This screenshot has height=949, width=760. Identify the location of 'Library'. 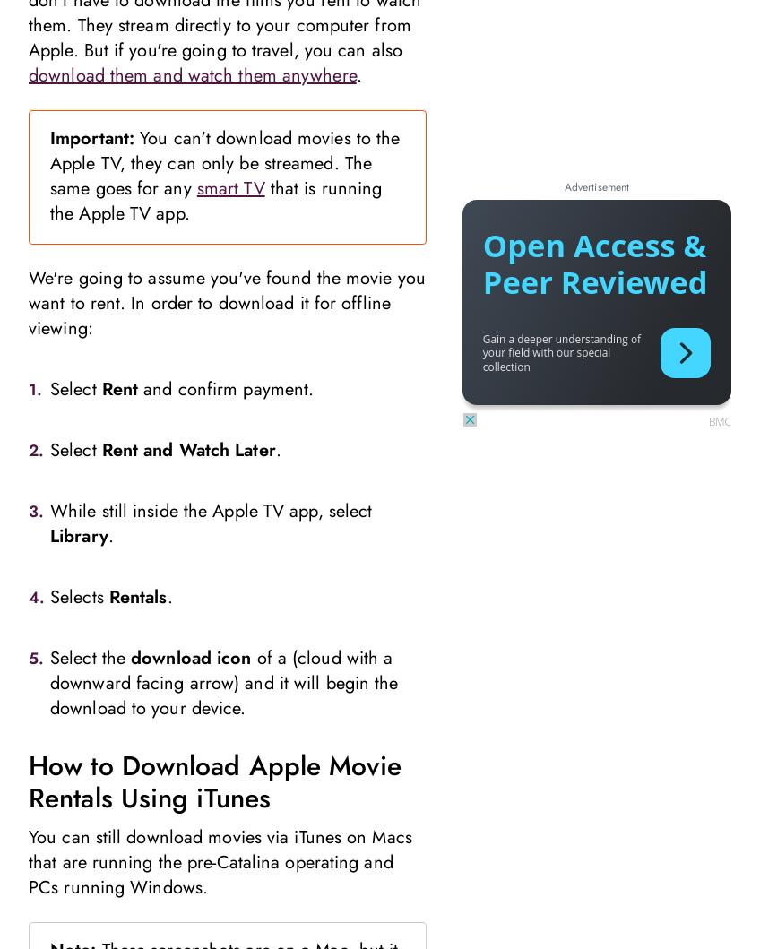
(79, 534).